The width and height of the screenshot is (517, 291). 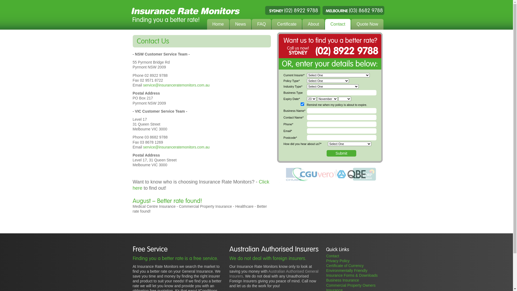 I want to click on 'service@insuranceratemonitors.com.au', so click(x=176, y=85).